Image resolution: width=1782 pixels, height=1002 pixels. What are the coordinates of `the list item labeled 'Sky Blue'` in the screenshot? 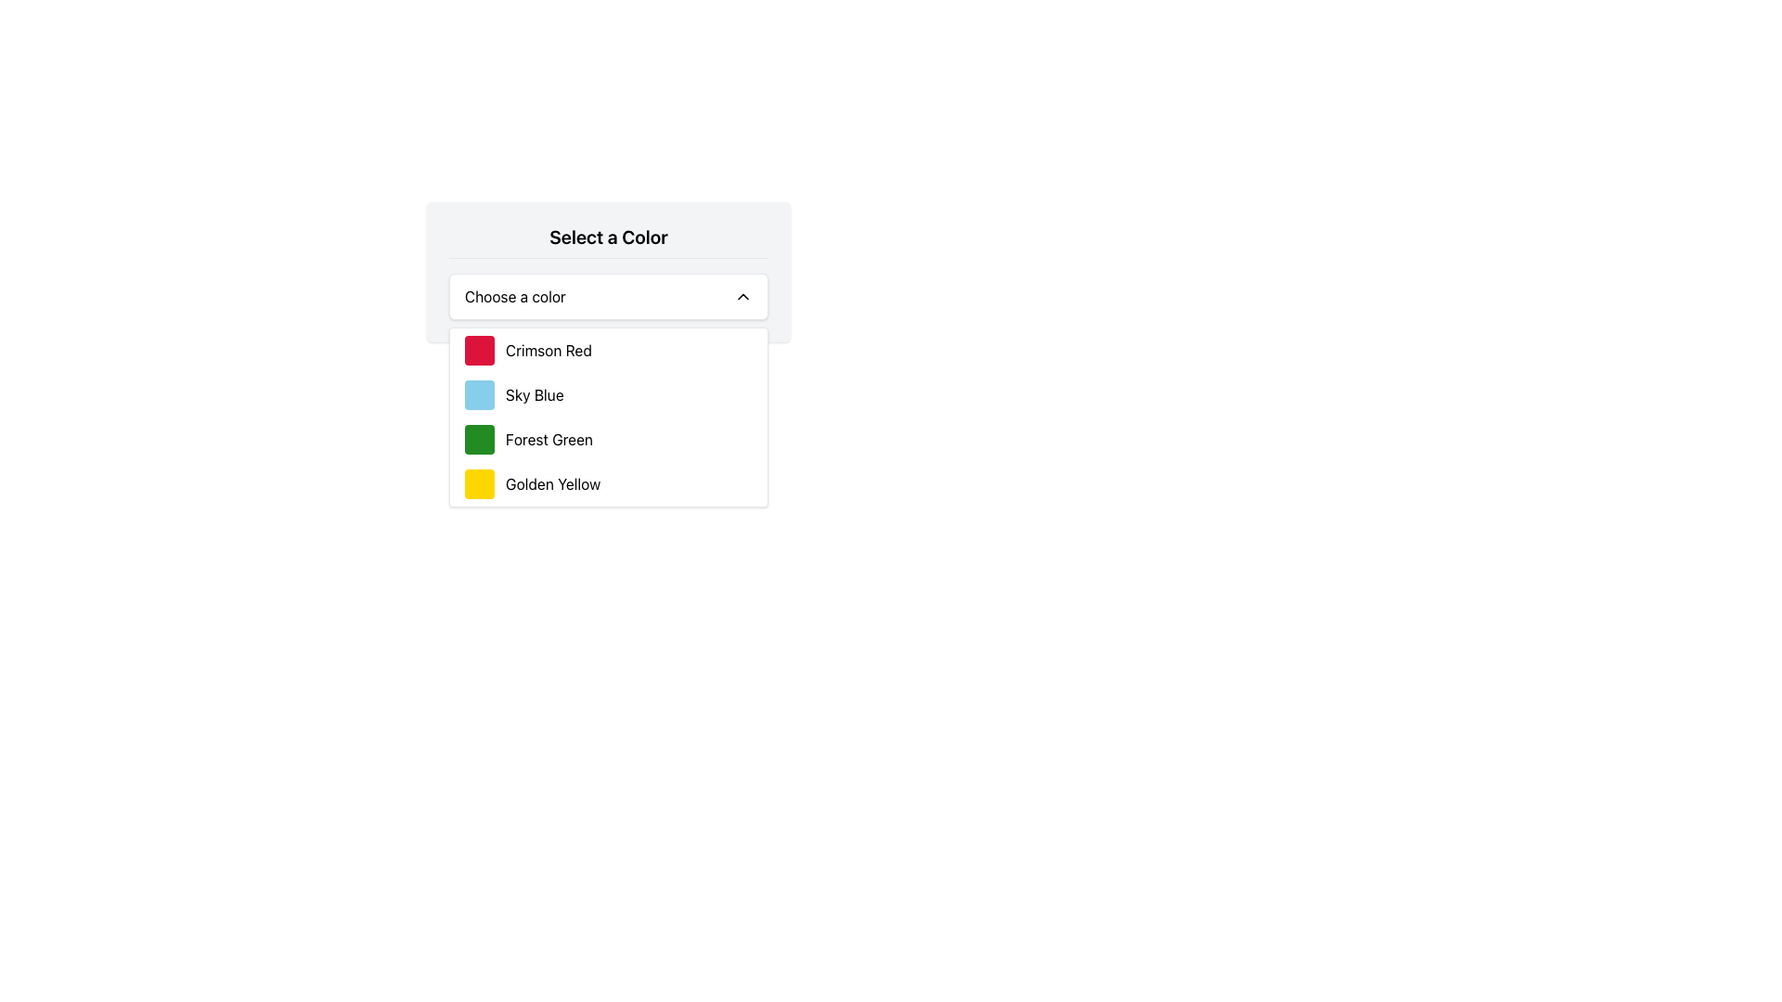 It's located at (609, 393).